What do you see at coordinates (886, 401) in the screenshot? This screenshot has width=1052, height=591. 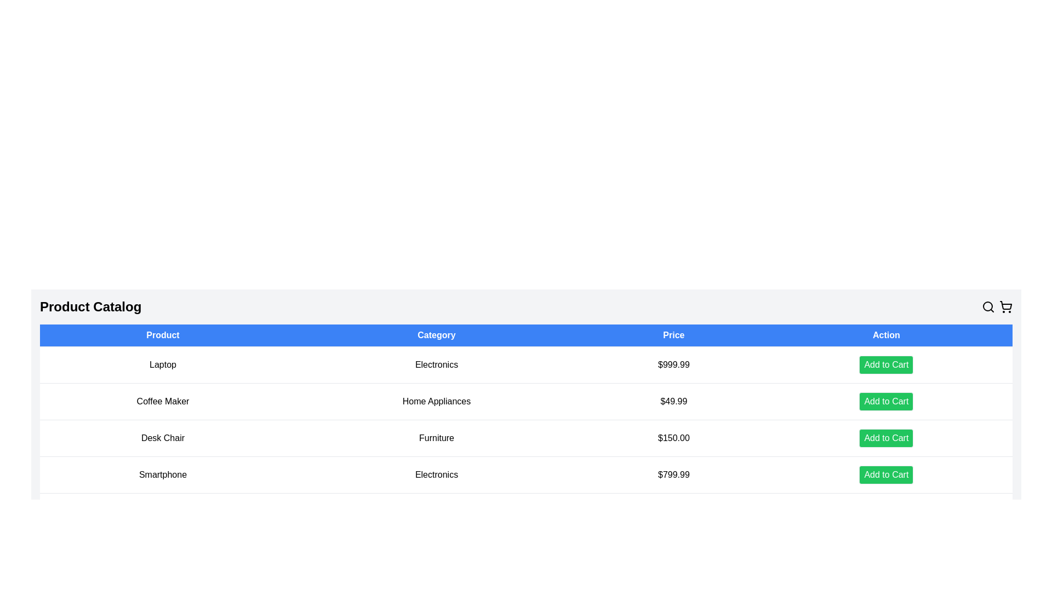 I see `the 'Add to Cart' button with a green background and white bold text in the third row of the 'Product Catalog' table` at bounding box center [886, 401].